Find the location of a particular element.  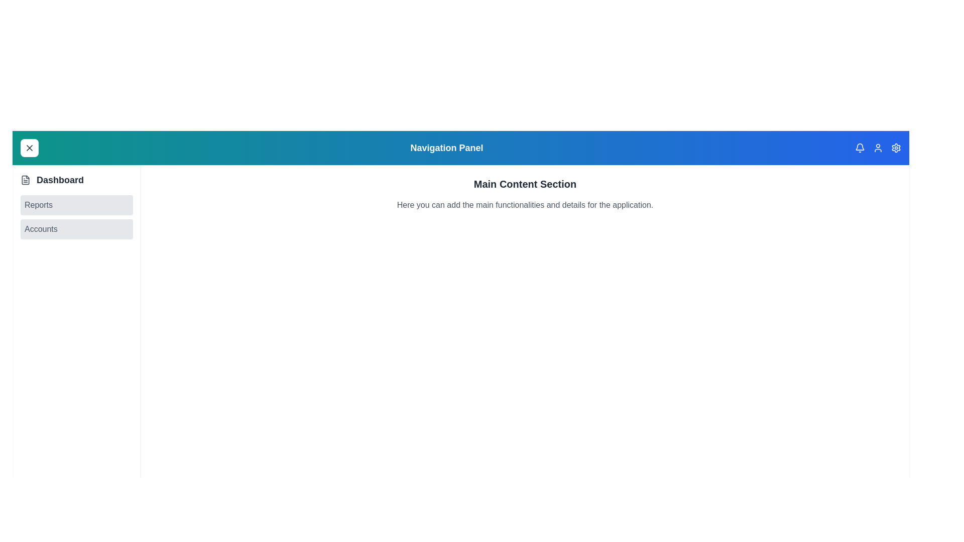

the 'Dashboard' navigation link in the left-side navigation panel, located below the close button and after the document icon is located at coordinates (60, 179).